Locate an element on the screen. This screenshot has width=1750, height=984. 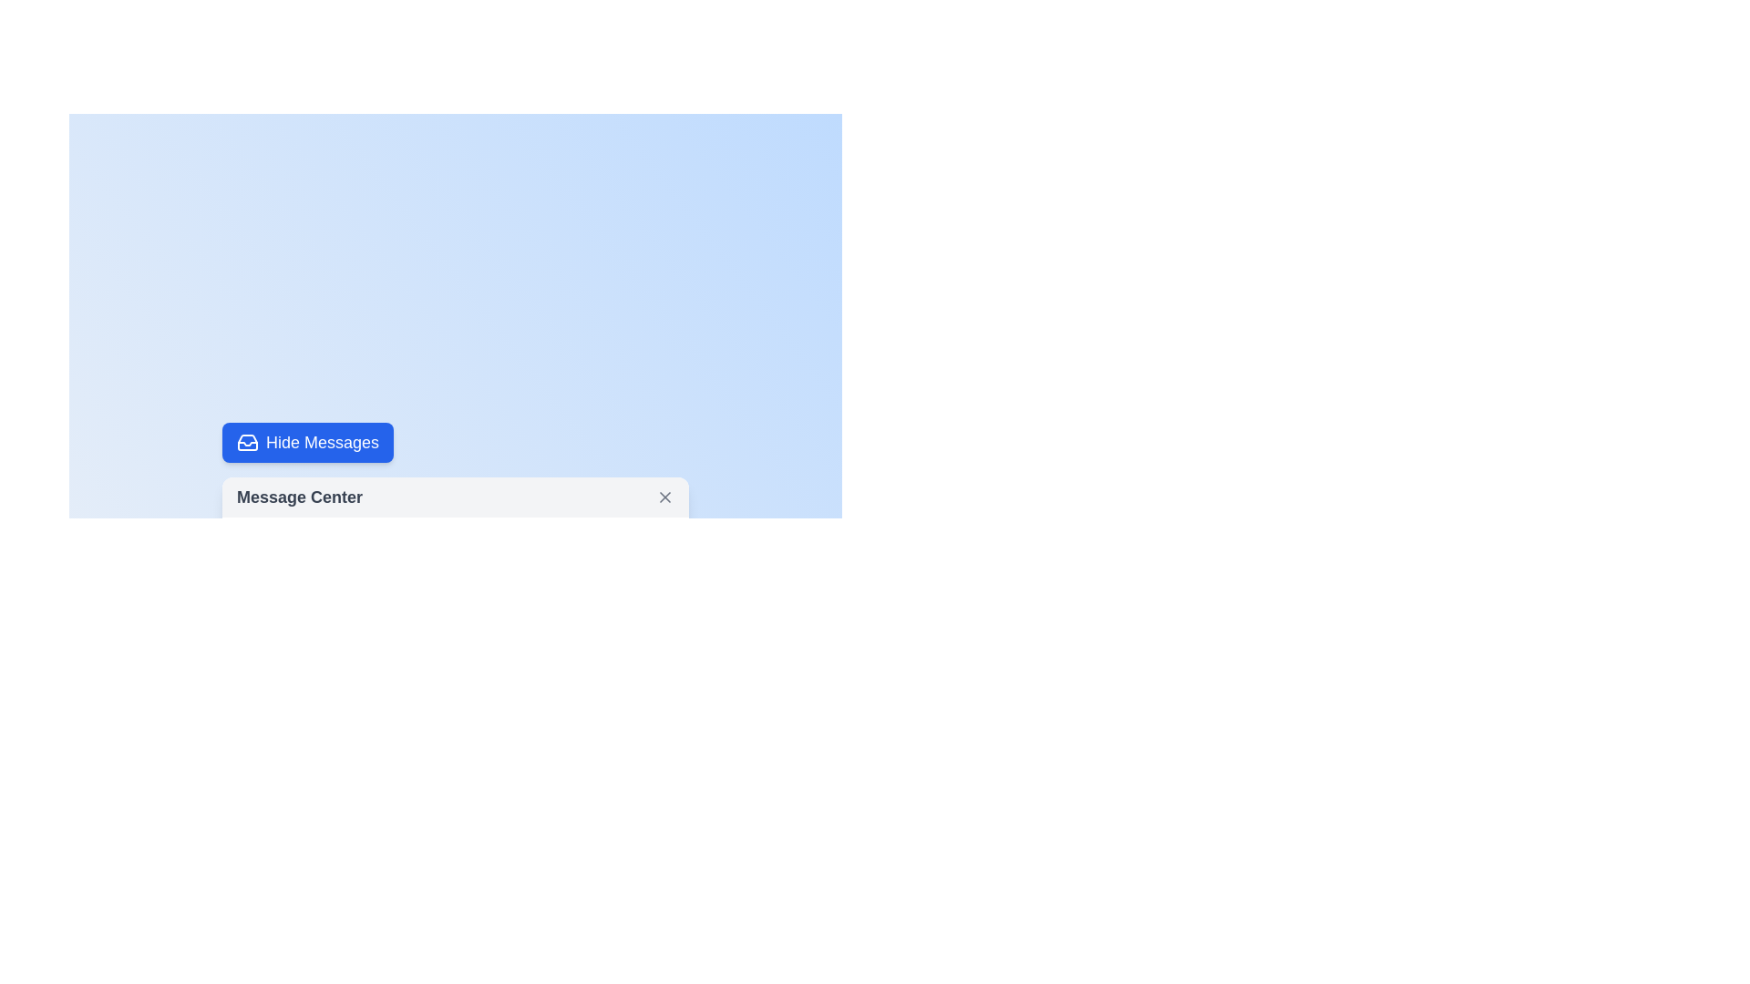
the SVG circle element that visually represents an alert, located below the 'Hide Messages' button and 'Message Center' is located at coordinates (262, 738).